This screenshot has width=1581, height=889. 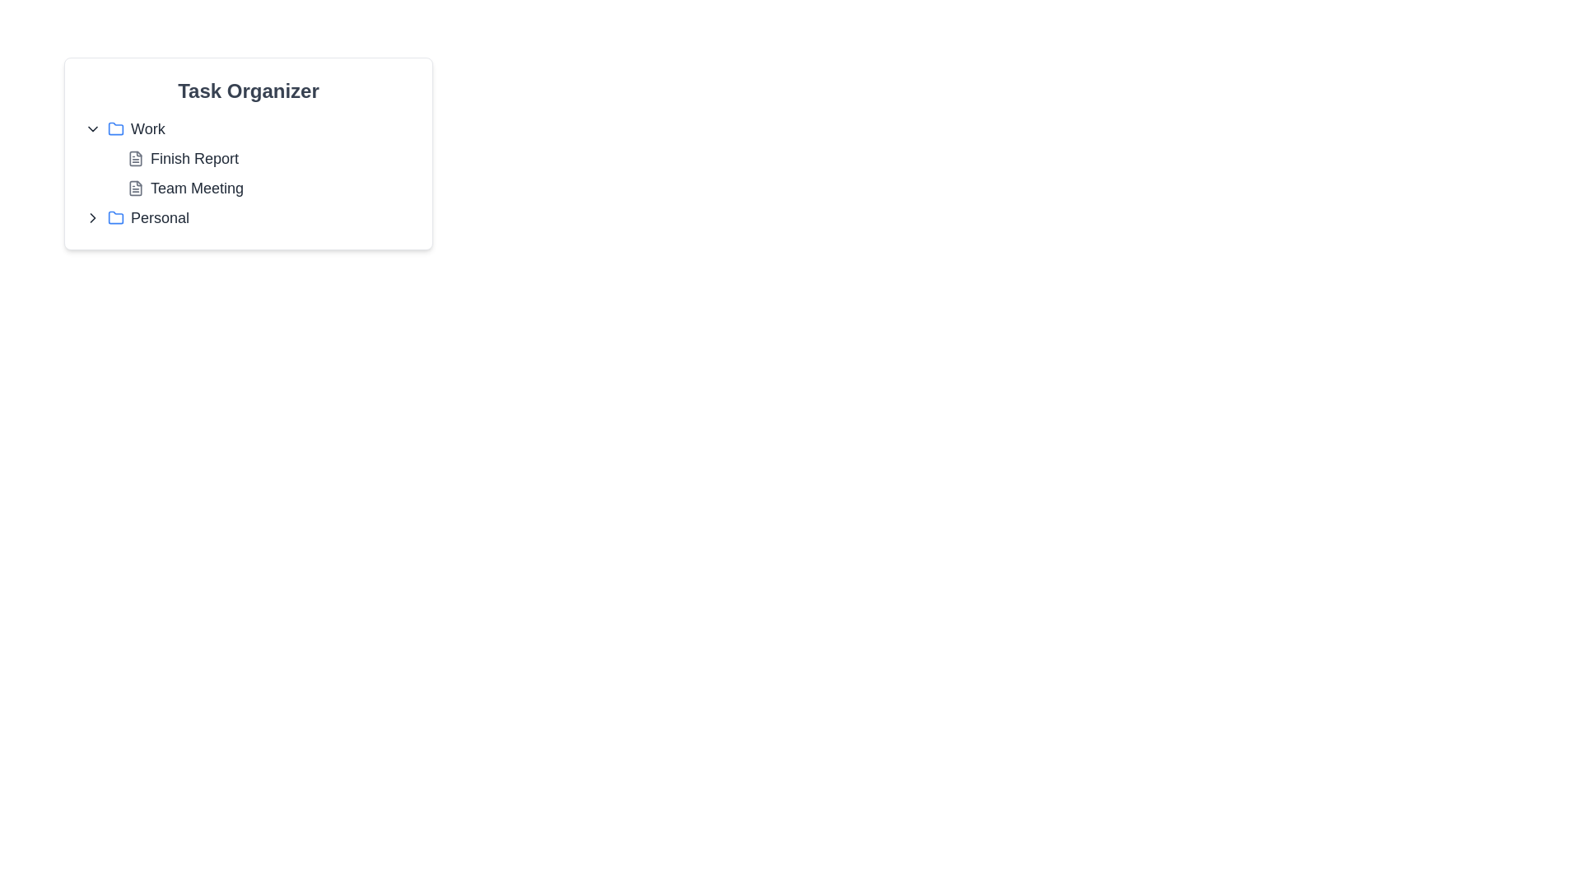 What do you see at coordinates (135, 158) in the screenshot?
I see `the first icon representing the 'Finish Report' item in the 'Work' section of the 'Task Organizer' widget` at bounding box center [135, 158].